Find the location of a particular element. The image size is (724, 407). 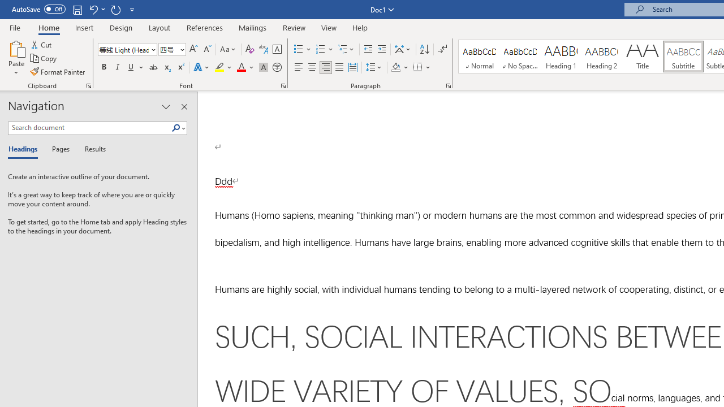

'Headings' is located at coordinates (25, 149).